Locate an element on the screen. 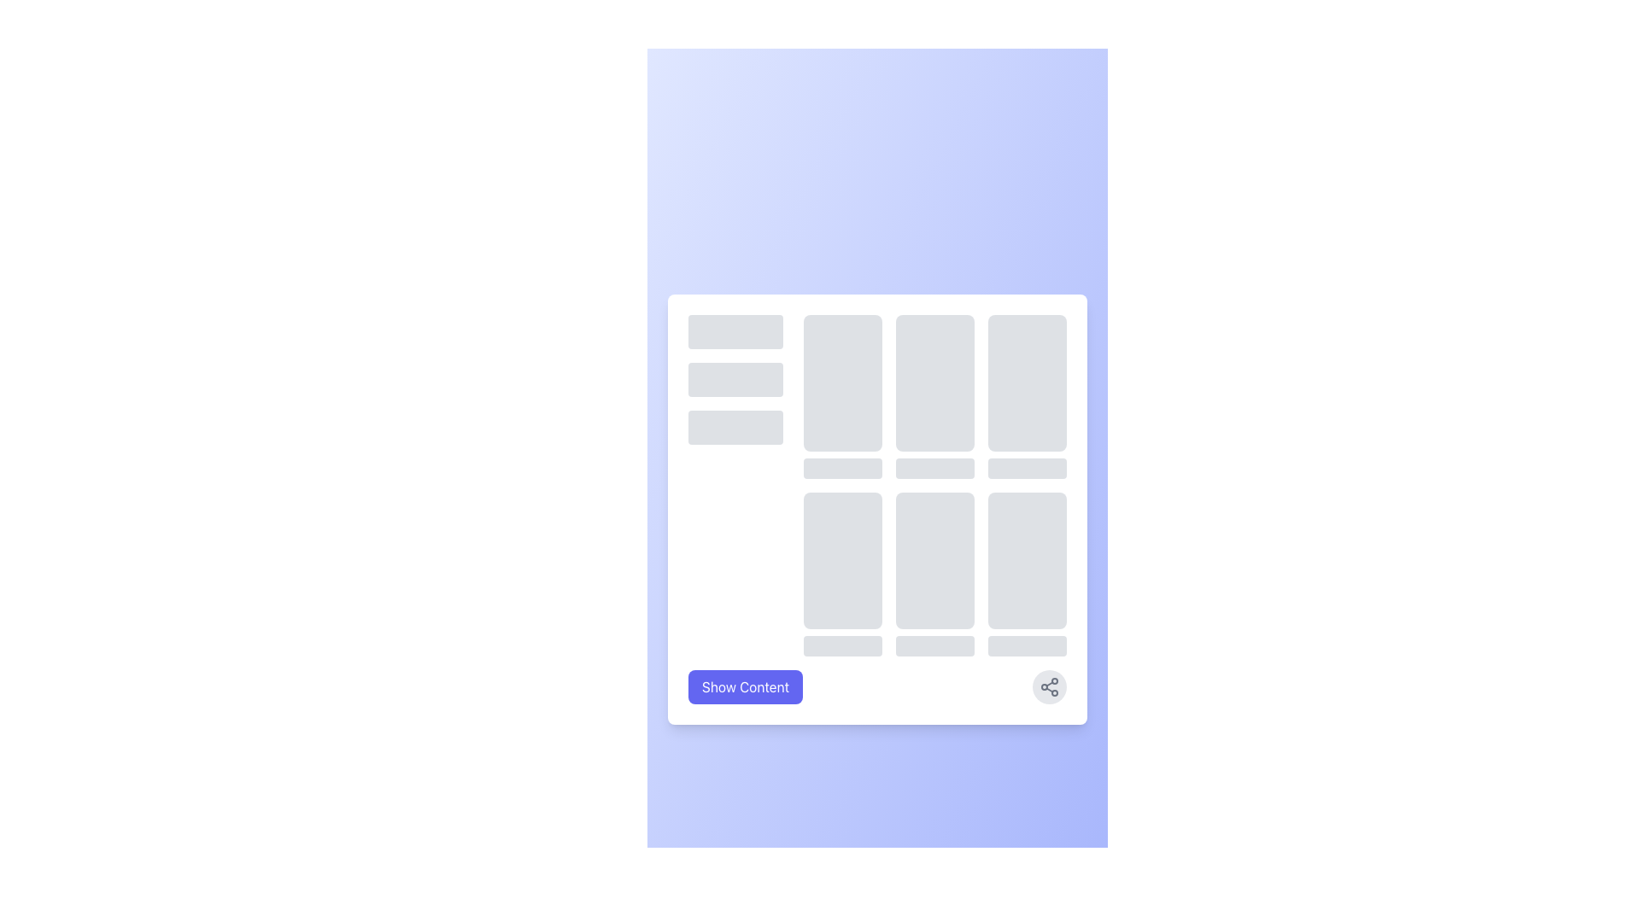 This screenshot has height=922, width=1640. the medium gray rectangular box with rounded corners located is located at coordinates (1026, 560).